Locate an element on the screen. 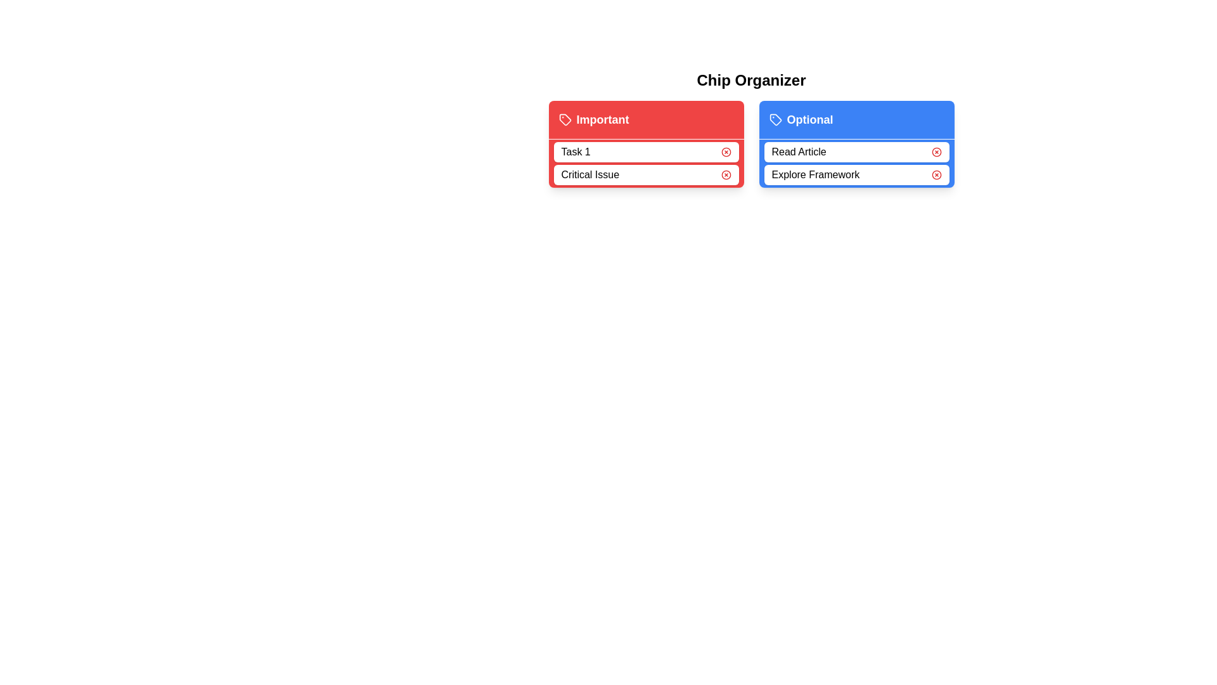  remove button for the chip labeled Explore Framework is located at coordinates (936, 175).